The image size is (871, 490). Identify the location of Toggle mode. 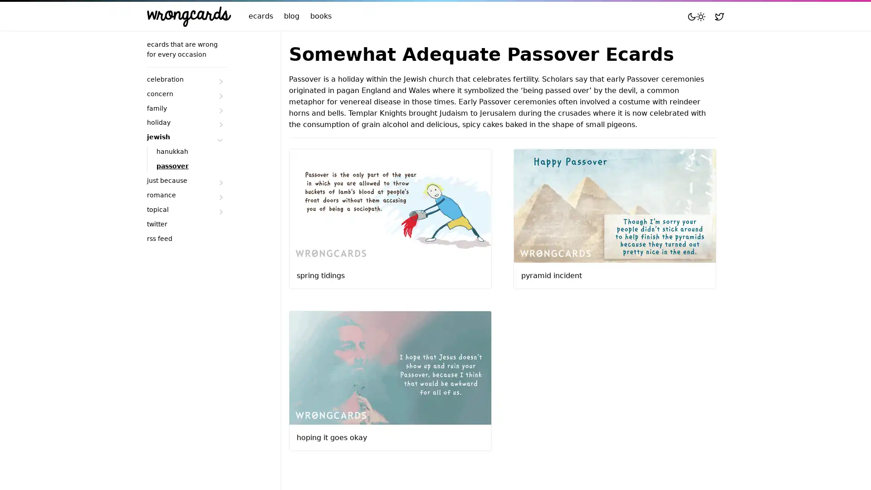
(696, 16).